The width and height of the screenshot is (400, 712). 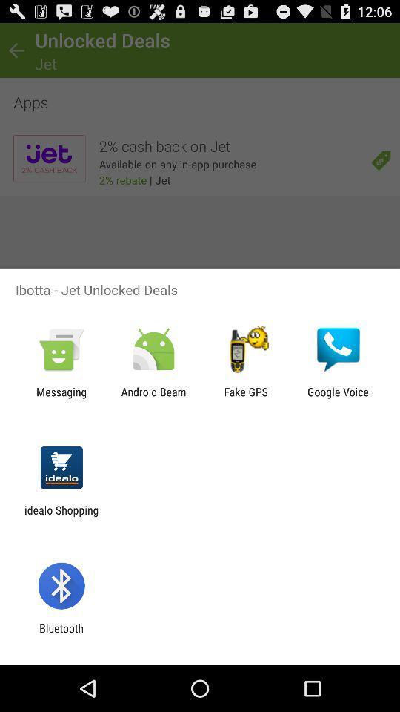 What do you see at coordinates (61, 398) in the screenshot?
I see `the app next to android beam item` at bounding box center [61, 398].